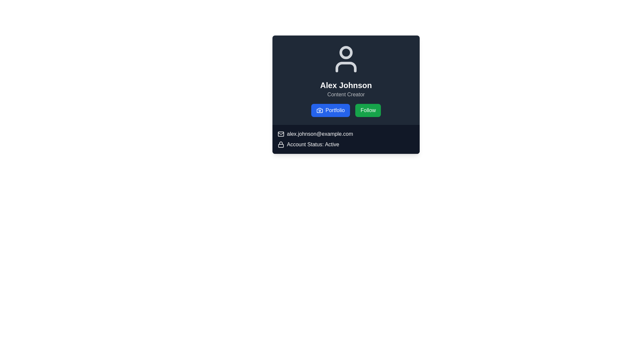 Image resolution: width=631 pixels, height=355 pixels. Describe the element at coordinates (345, 95) in the screenshot. I see `the text label that conveys the role 'Content Creator' associated with 'Alex Johnson', positioned beneath the bold 'Alex Johnson' text and above the 'Portfolio' and 'Follow' buttons` at that location.